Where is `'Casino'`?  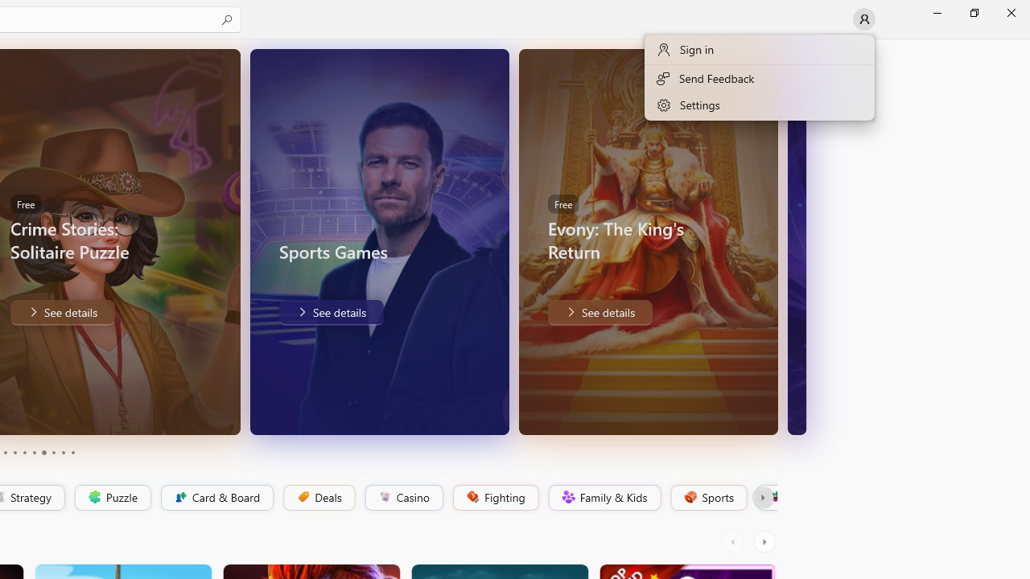
'Casino' is located at coordinates (403, 497).